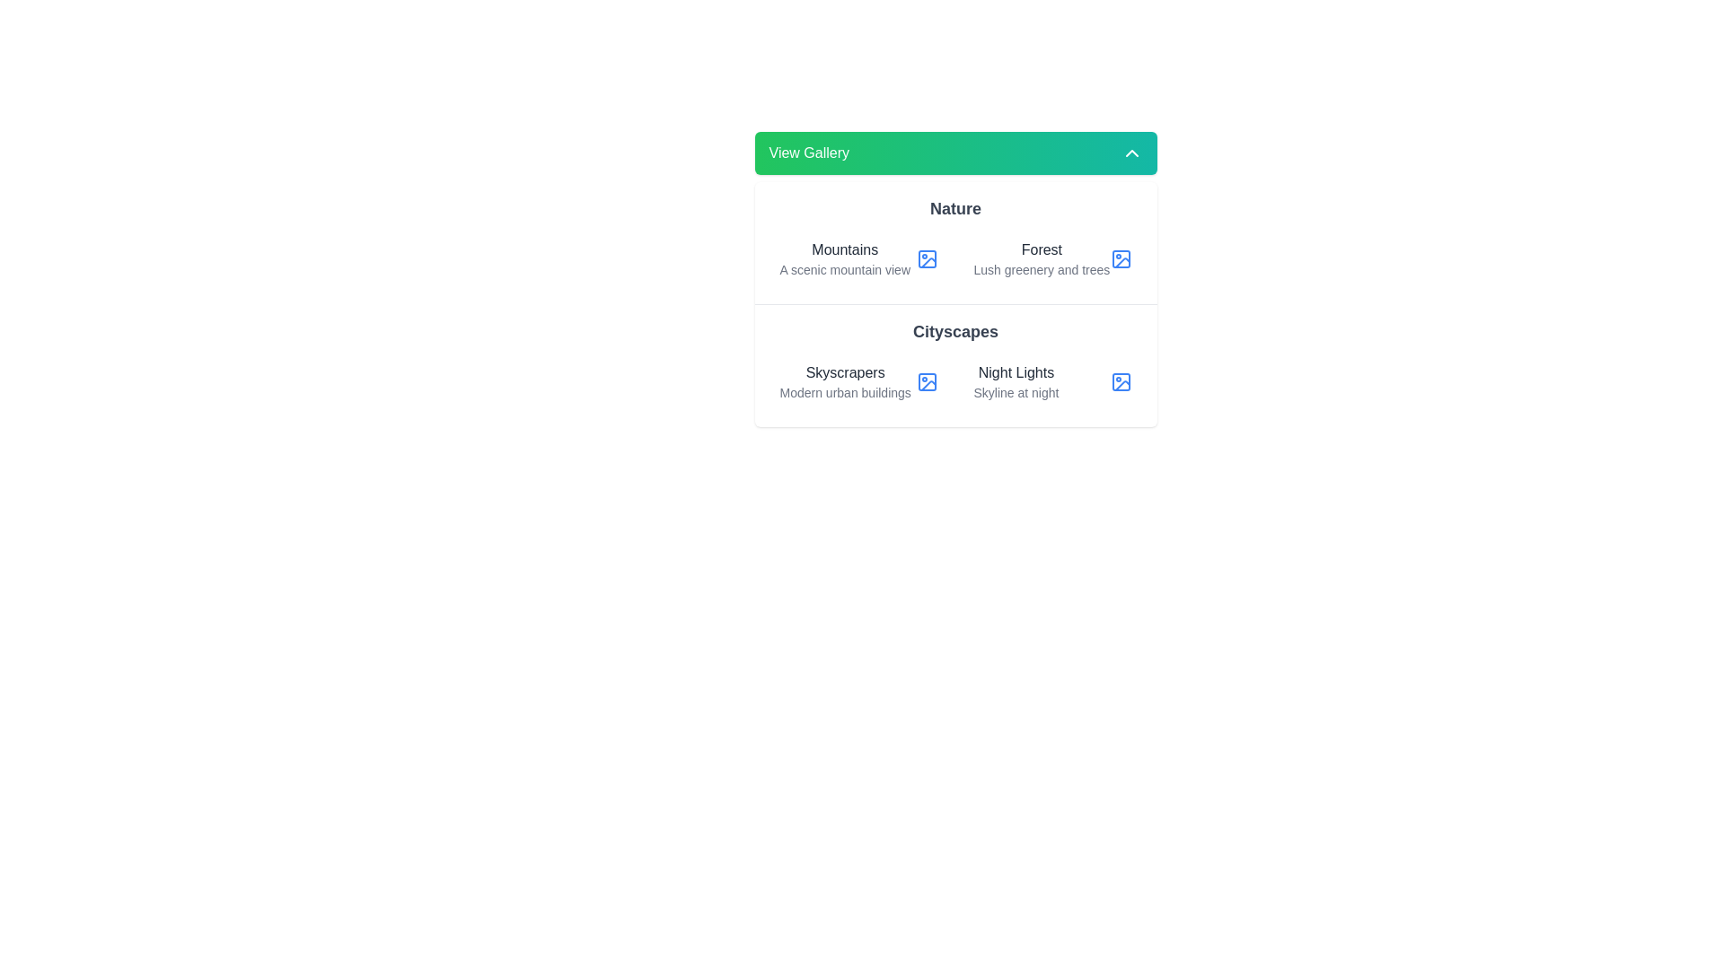 Image resolution: width=1724 pixels, height=969 pixels. I want to click on the icon representing 'Skyscrapers' located in the 'Cityscapes' section, positioned to the right of the text 'Skyscrapers', so click(927, 380).